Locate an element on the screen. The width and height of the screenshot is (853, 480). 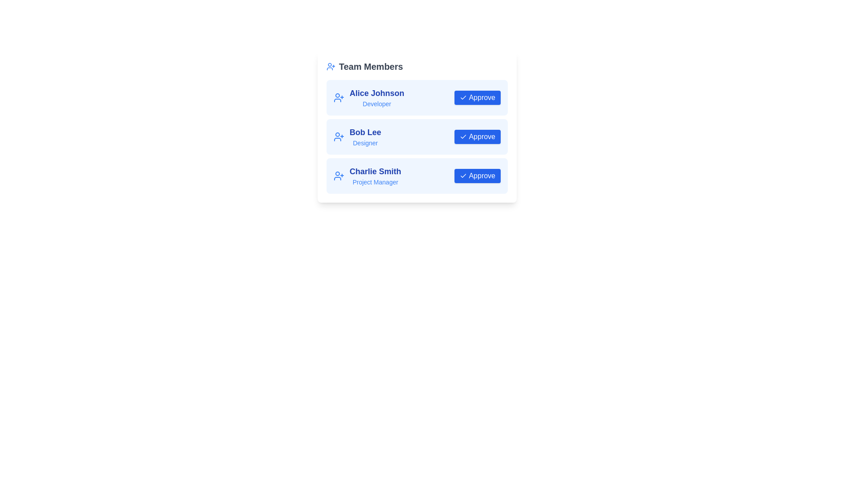
the text label reading 'Project Manager', which is styled in a small font size with a blue color and is located below the text 'Charlie Smith' in the 'Team Members' list is located at coordinates (375, 181).